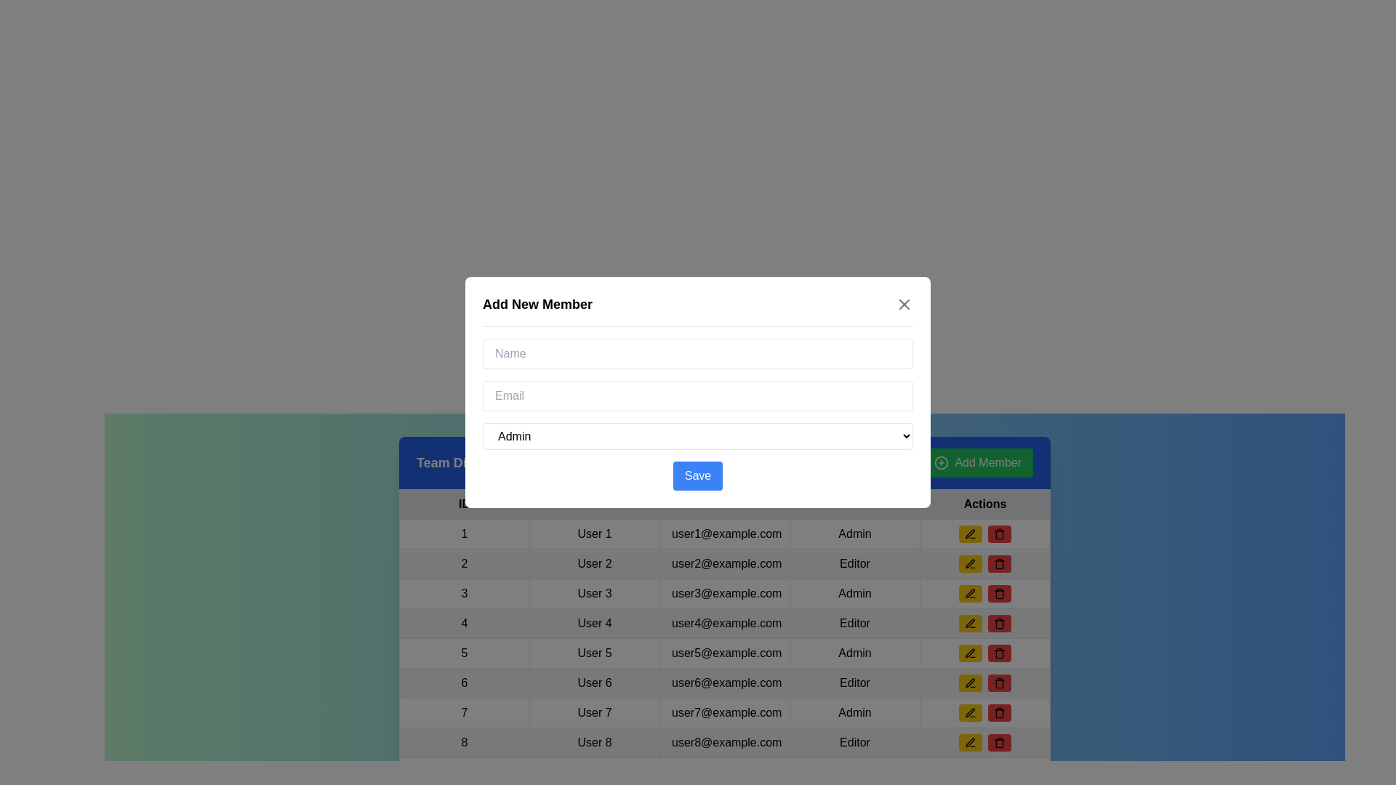 The image size is (1396, 785). Describe the element at coordinates (725, 594) in the screenshot. I see `the third row of the tabular data, which contains the text '3 User 3 user3@example.com Admin'` at that location.